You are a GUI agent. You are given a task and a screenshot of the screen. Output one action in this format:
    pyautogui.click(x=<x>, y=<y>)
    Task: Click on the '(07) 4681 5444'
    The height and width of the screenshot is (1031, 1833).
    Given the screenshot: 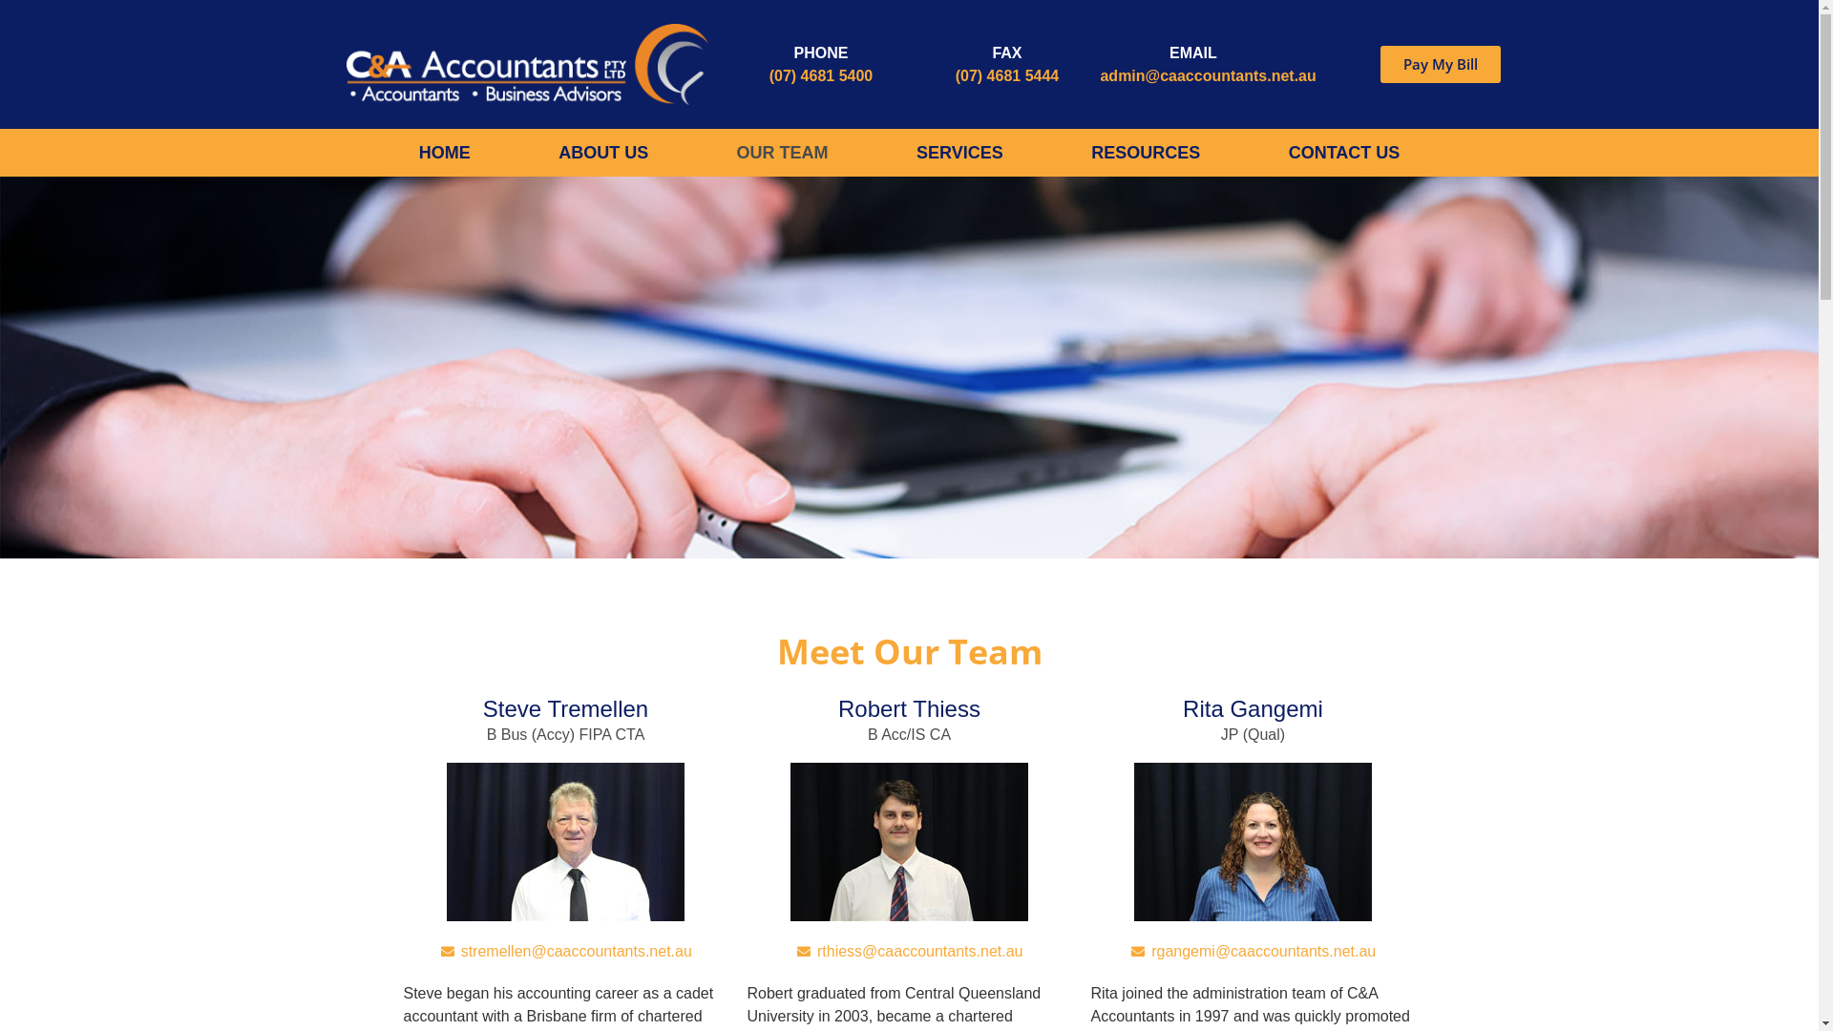 What is the action you would take?
    pyautogui.click(x=1006, y=74)
    